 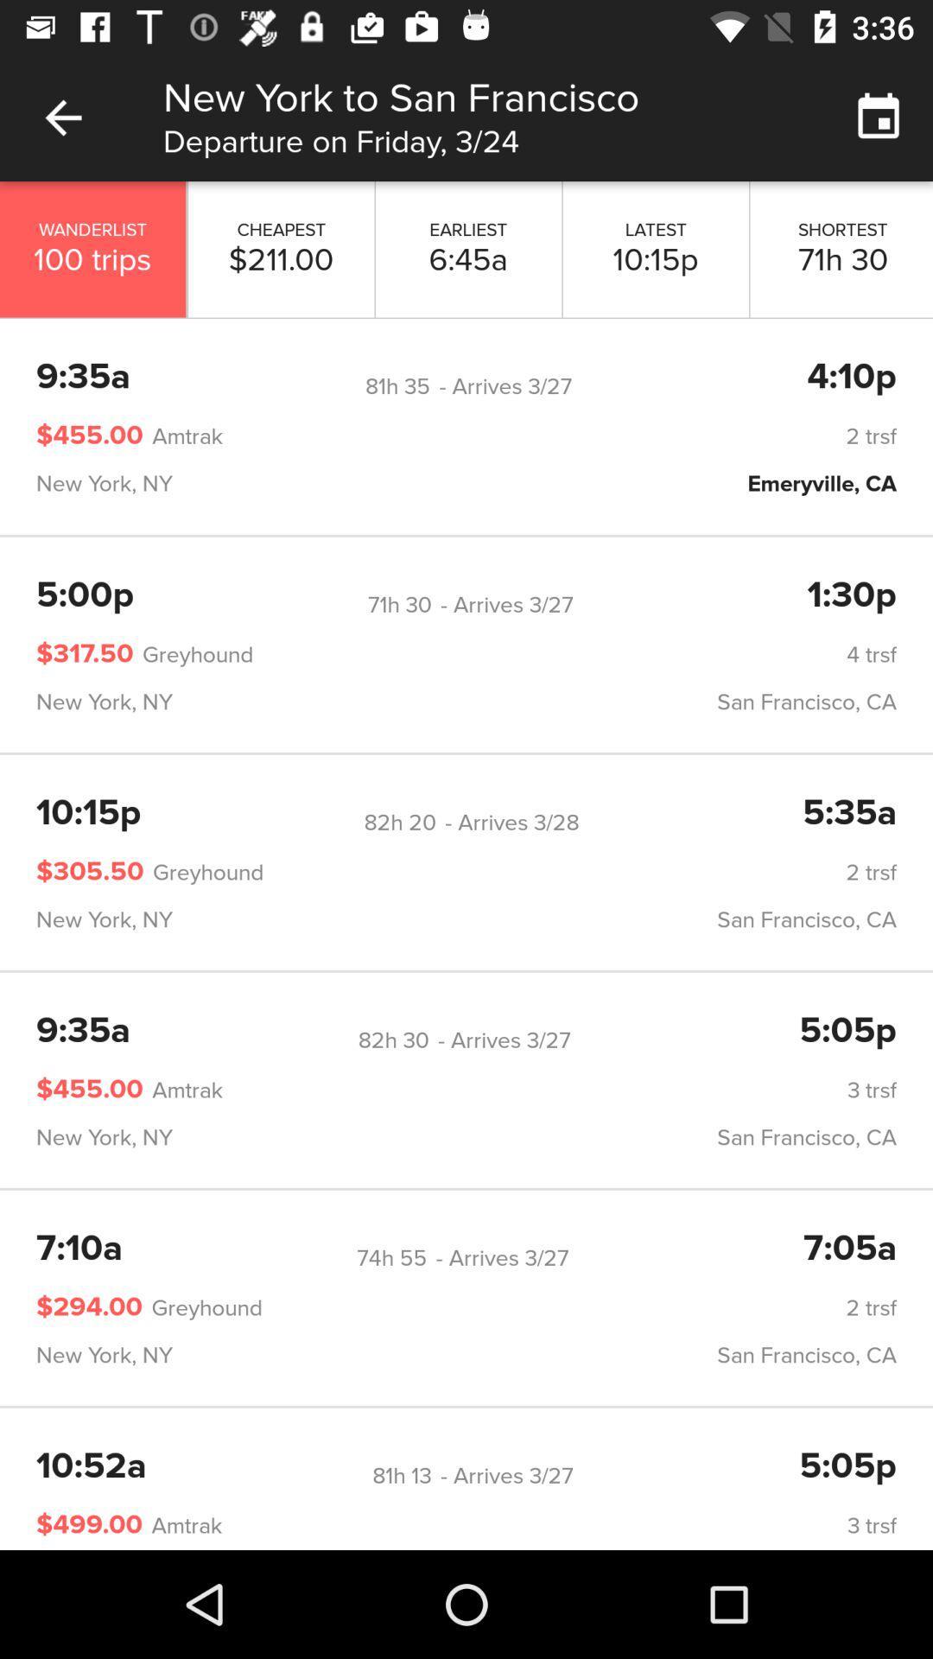 What do you see at coordinates (393, 1039) in the screenshot?
I see `icon next to - arrives 3/27 icon` at bounding box center [393, 1039].